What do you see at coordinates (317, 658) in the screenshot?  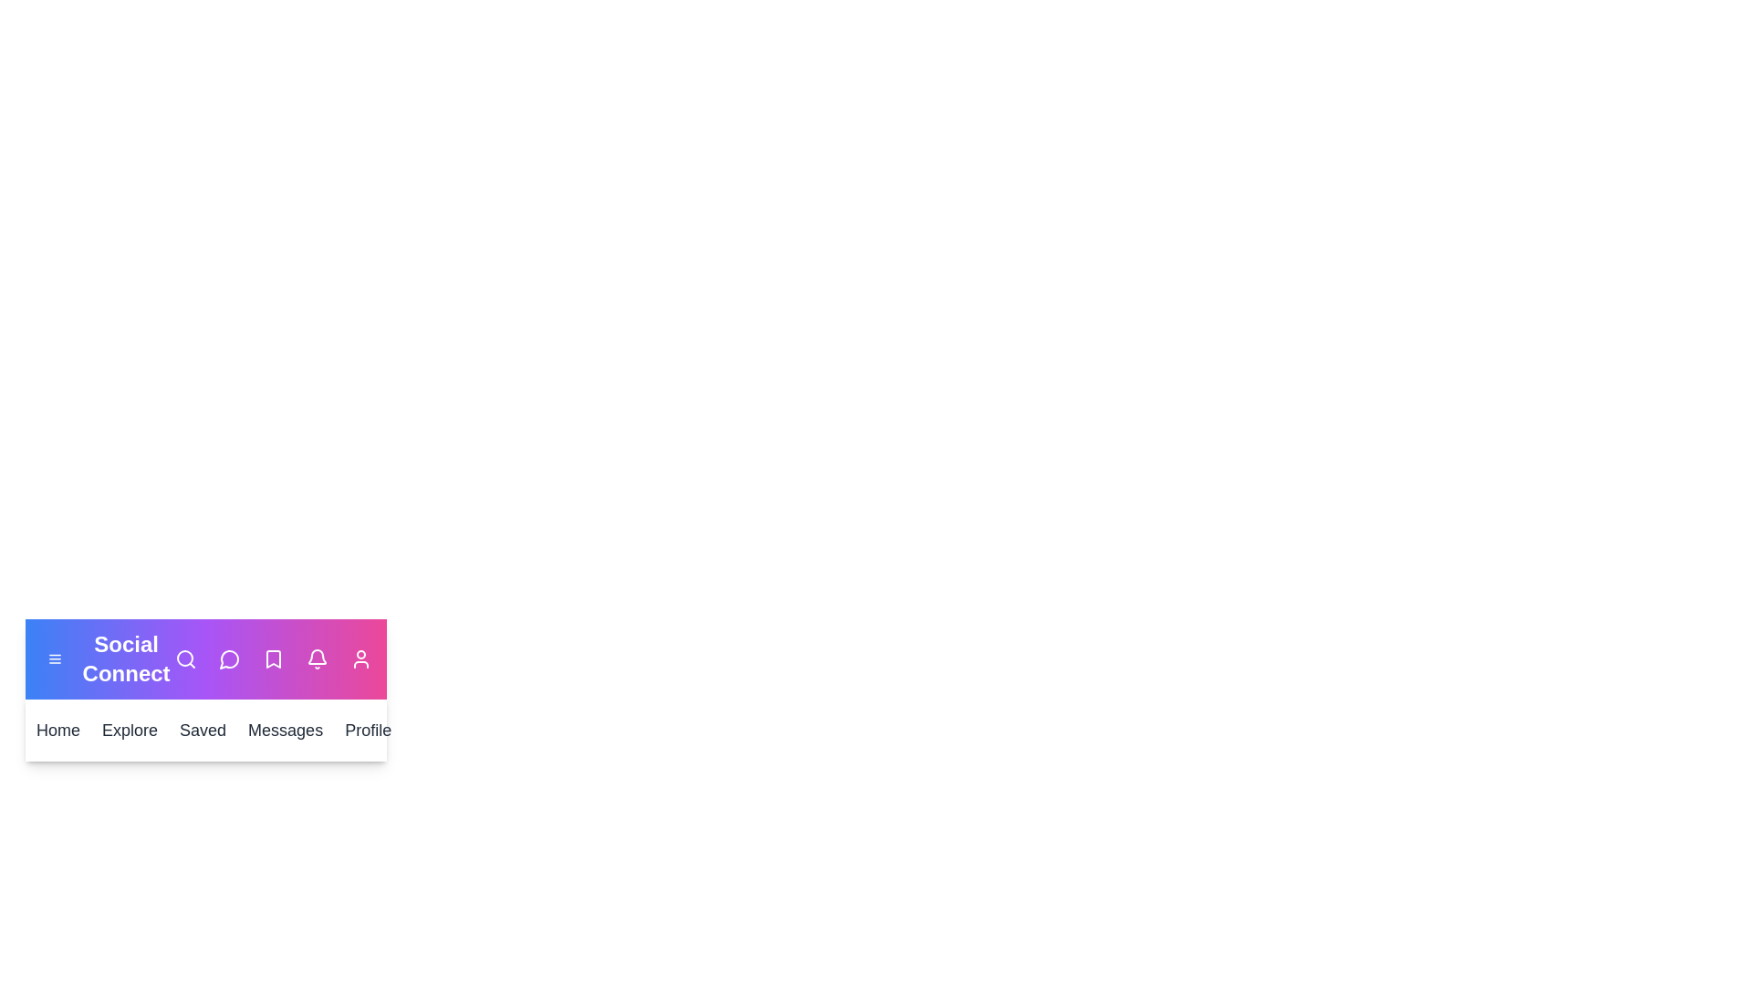 I see `the bell icon to check notifications` at bounding box center [317, 658].